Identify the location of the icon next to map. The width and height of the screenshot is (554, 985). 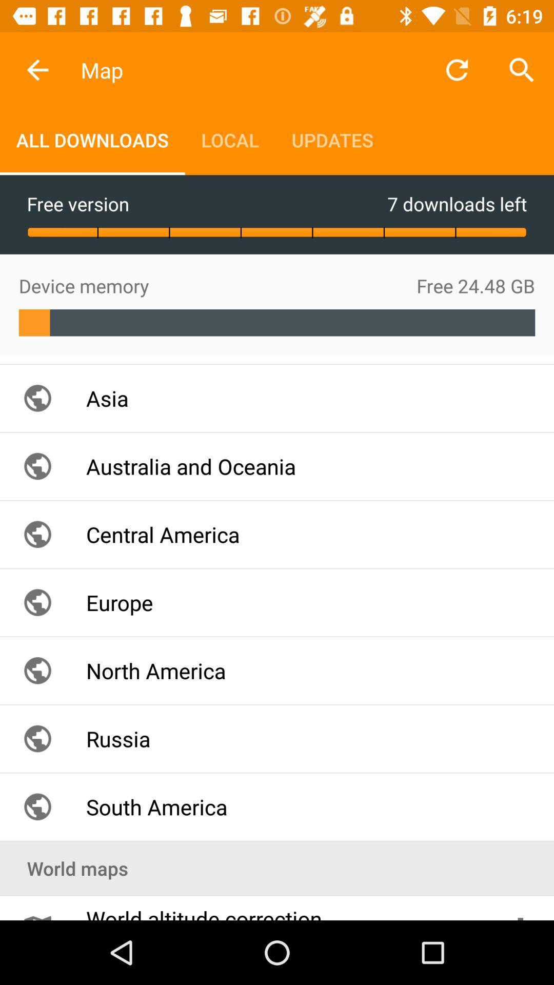
(37, 69).